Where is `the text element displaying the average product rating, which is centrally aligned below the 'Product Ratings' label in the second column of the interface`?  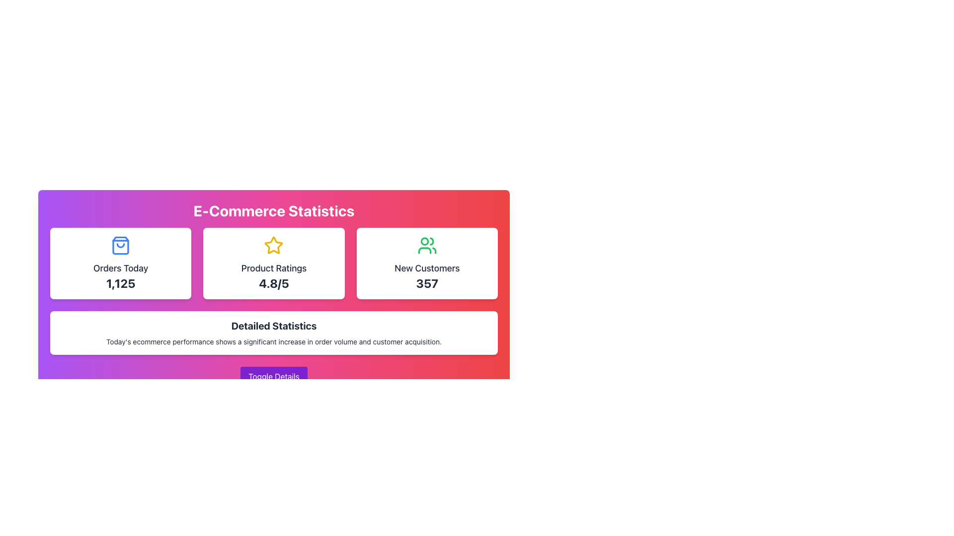
the text element displaying the average product rating, which is centrally aligned below the 'Product Ratings' label in the second column of the interface is located at coordinates (274, 283).